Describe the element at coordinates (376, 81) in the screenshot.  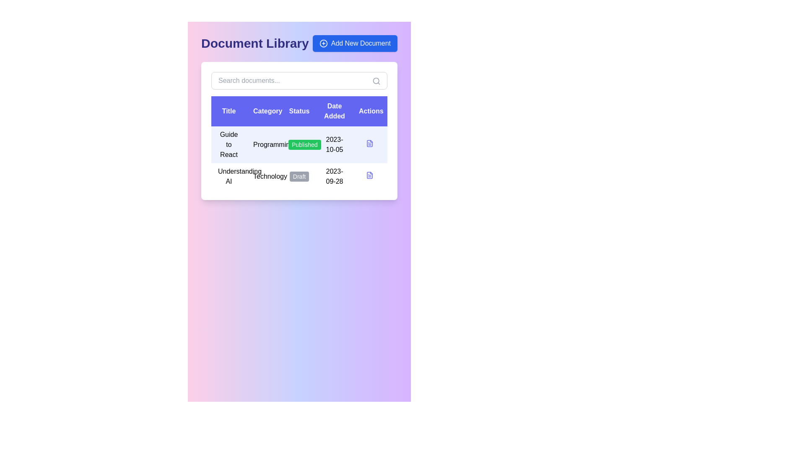
I see `the circular shape within the SVG graphic that represents the lens of the magnifying glass icon located in the upper-right corner of the search bar` at that location.